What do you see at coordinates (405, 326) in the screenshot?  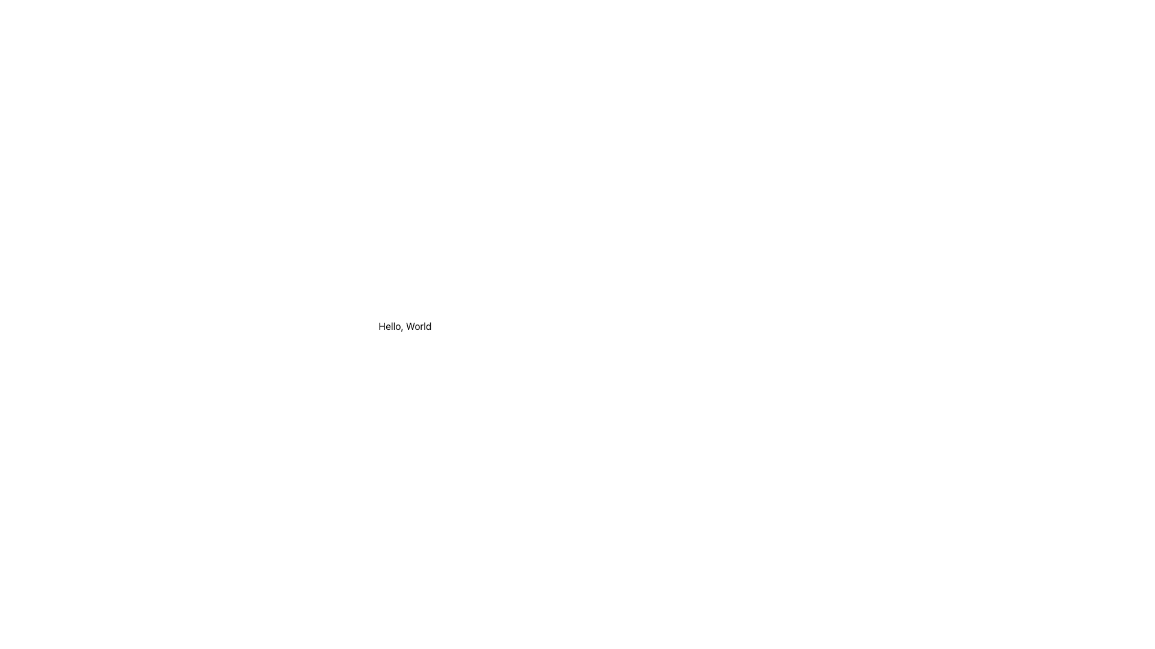 I see `the static text displaying 'Hello, World', which is centrally positioned within a white background and styled in black color` at bounding box center [405, 326].